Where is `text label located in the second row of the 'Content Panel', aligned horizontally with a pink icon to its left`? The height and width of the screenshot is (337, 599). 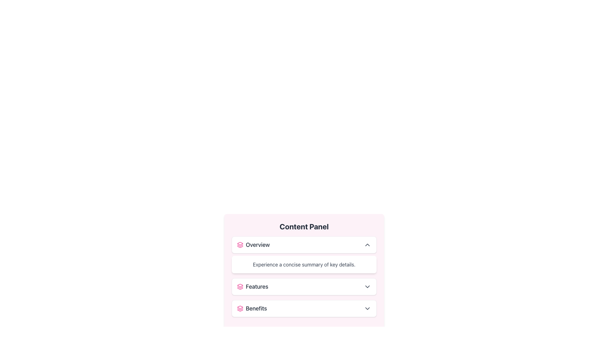 text label located in the second row of the 'Content Panel', aligned horizontally with a pink icon to its left is located at coordinates (252, 286).